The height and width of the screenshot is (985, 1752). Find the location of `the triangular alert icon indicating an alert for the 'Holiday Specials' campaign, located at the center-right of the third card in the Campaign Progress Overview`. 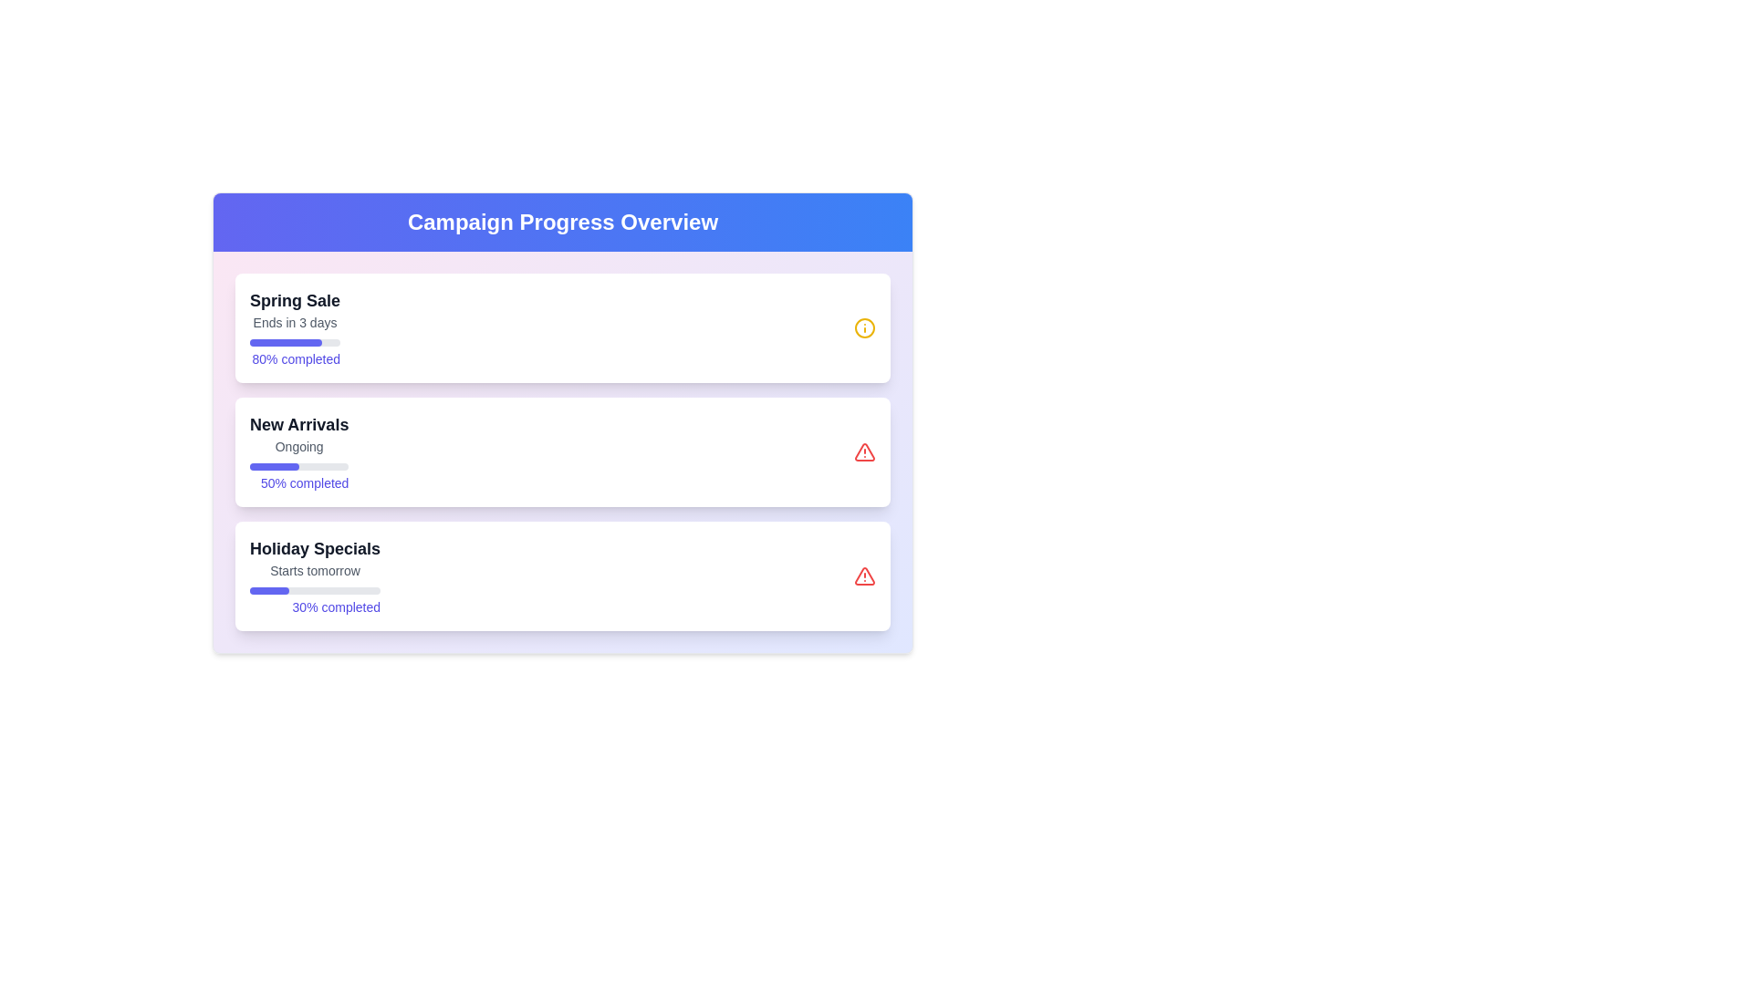

the triangular alert icon indicating an alert for the 'Holiday Specials' campaign, located at the center-right of the third card in the Campaign Progress Overview is located at coordinates (863, 451).